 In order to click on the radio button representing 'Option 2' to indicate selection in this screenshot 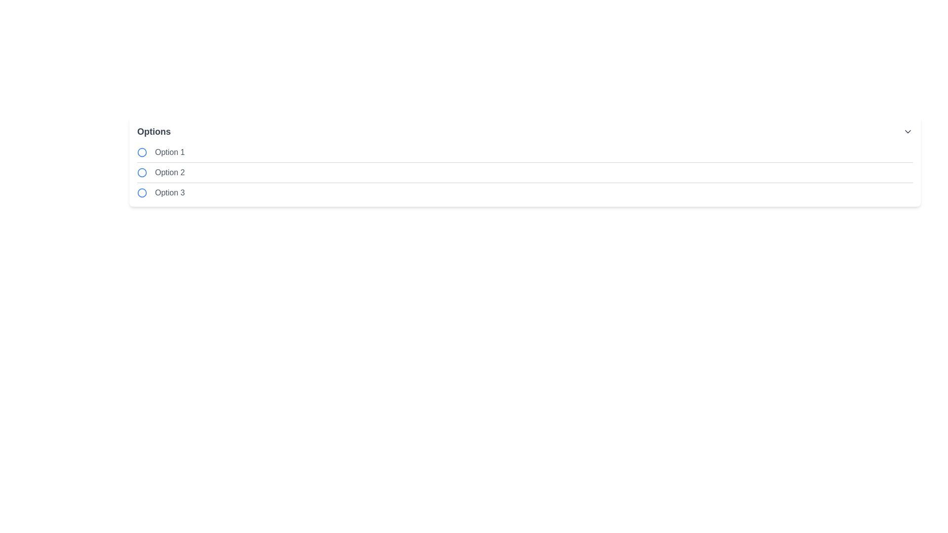, I will do `click(142, 172)`.